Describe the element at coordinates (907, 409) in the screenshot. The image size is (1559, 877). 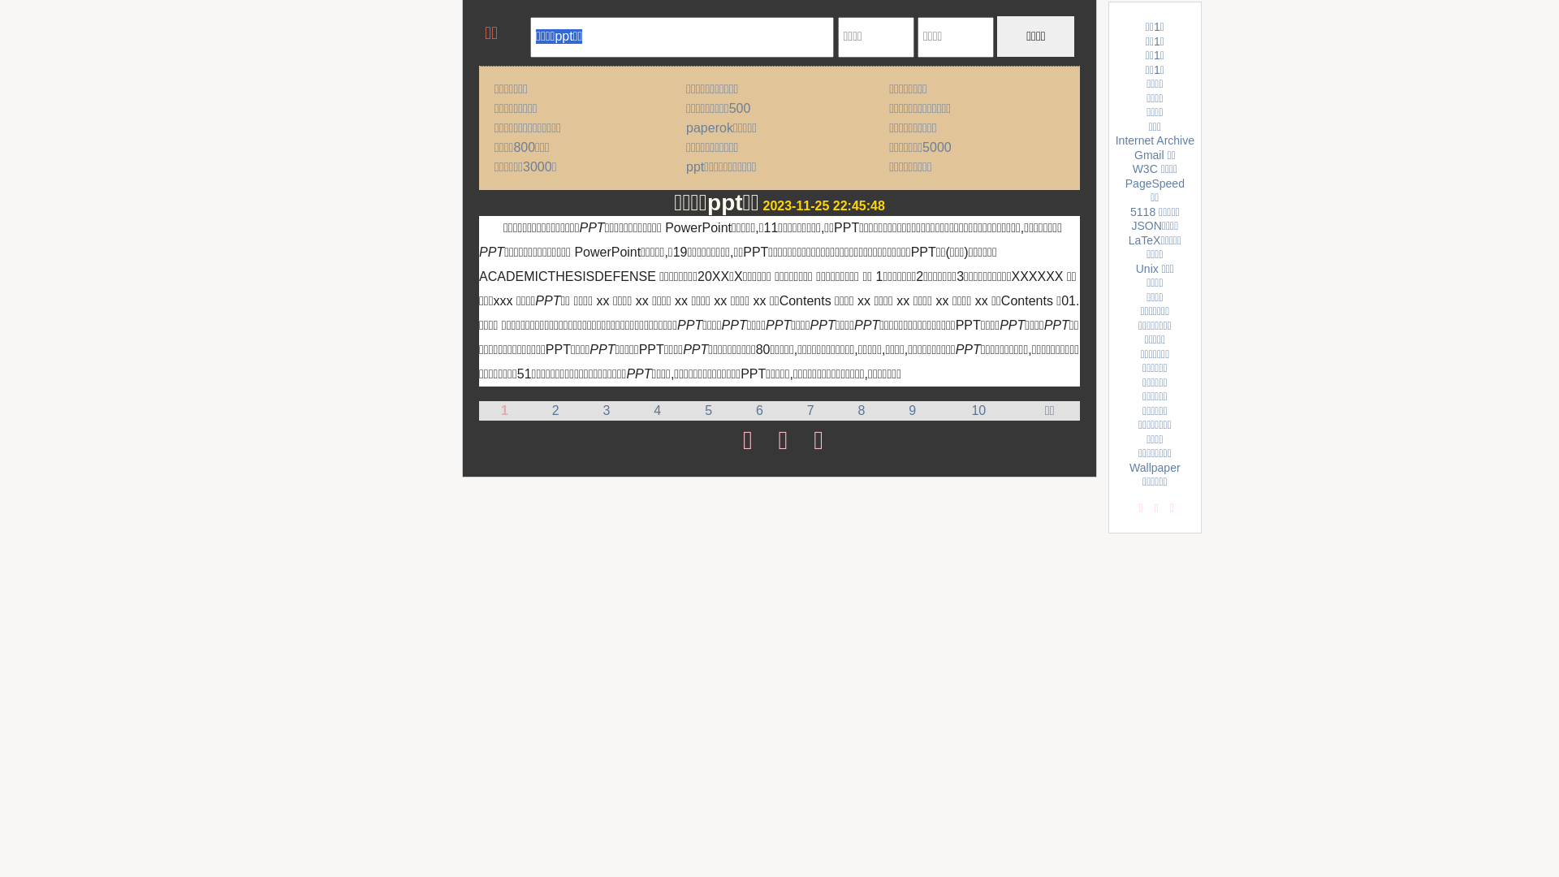
I see `'9'` at that location.